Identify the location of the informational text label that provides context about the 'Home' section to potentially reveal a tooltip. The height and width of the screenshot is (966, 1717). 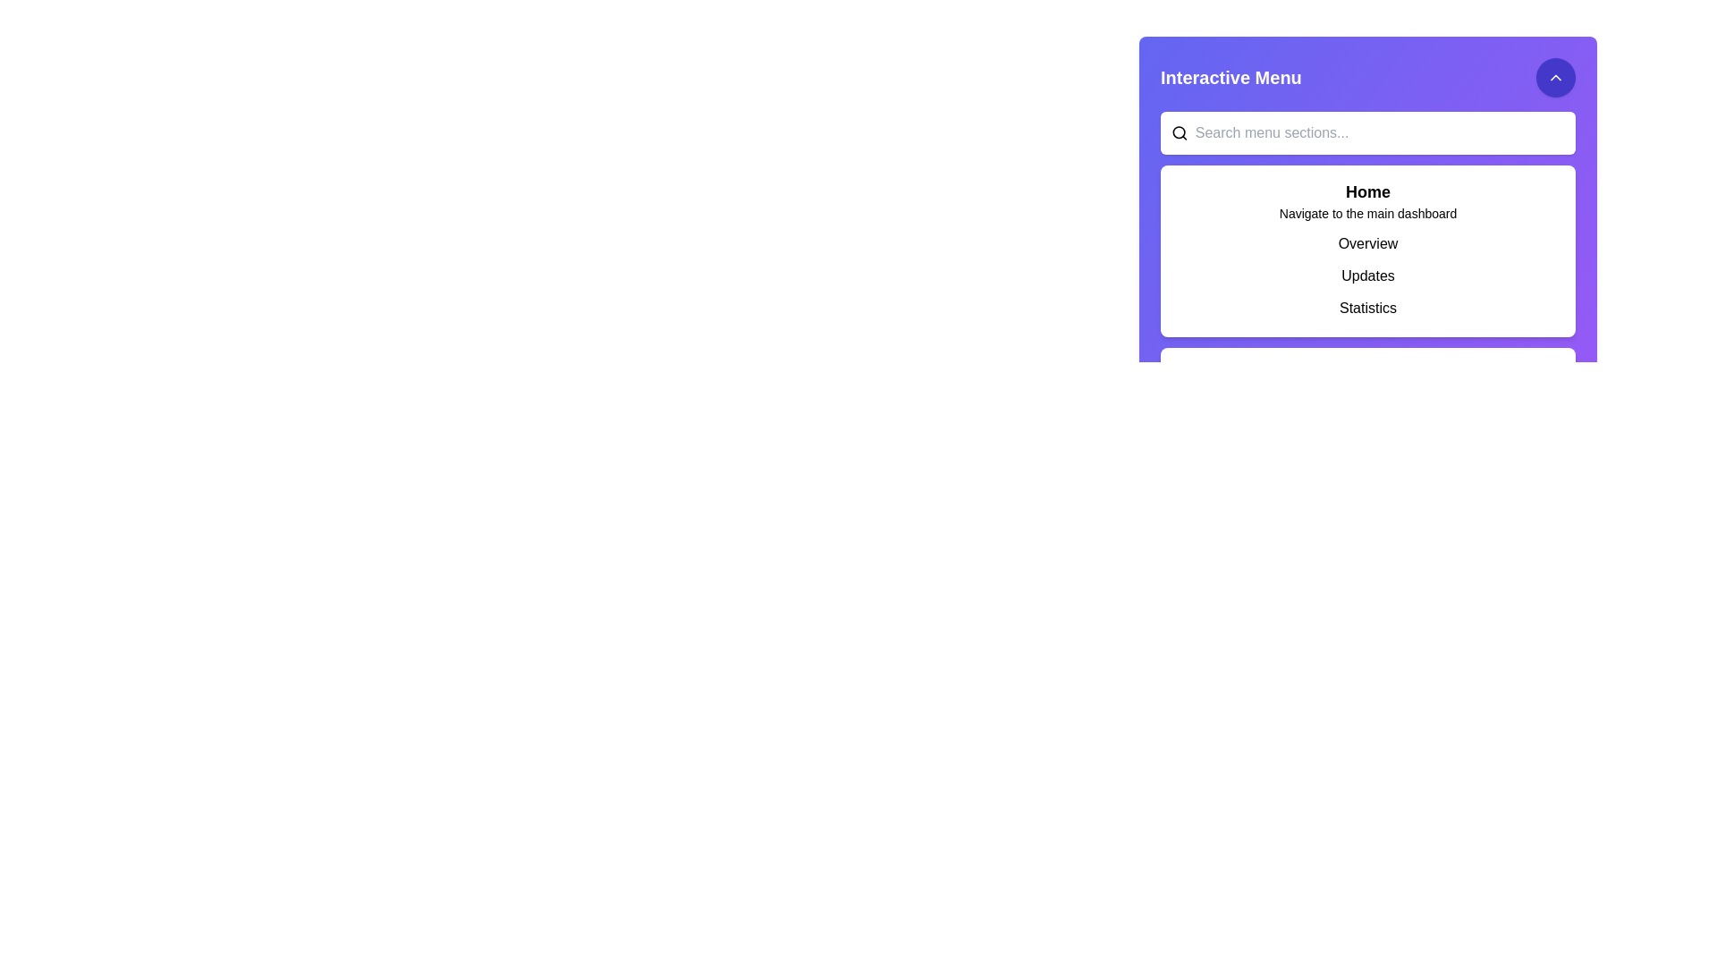
(1367, 213).